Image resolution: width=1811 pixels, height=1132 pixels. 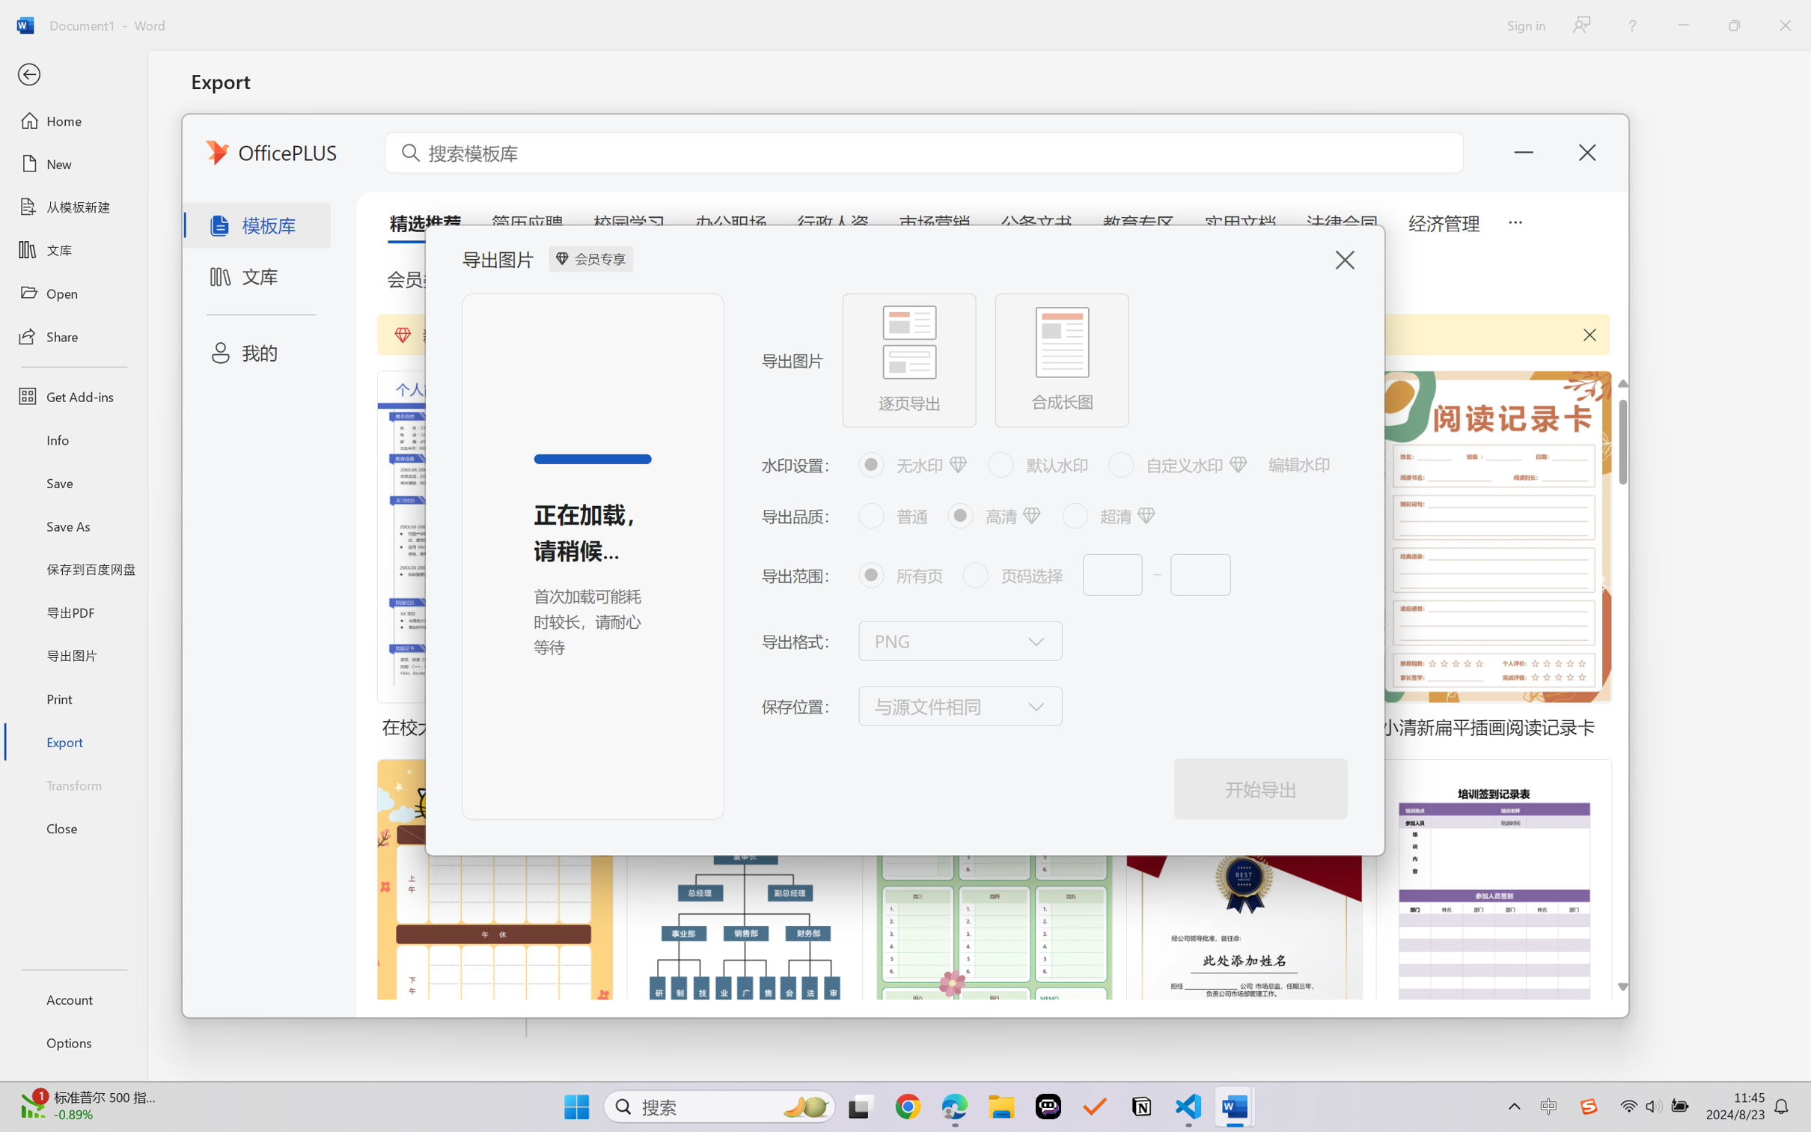 I want to click on 'Transform', so click(x=73, y=783).